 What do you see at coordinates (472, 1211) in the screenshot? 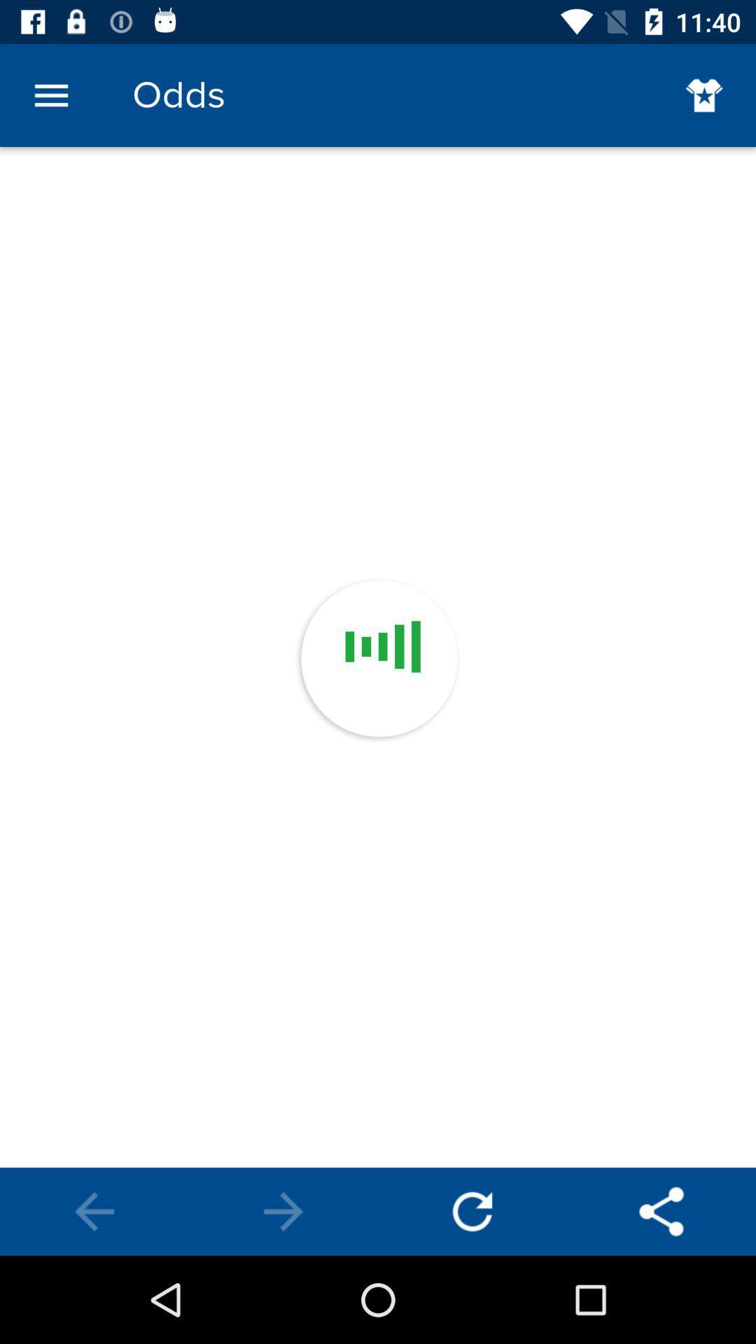
I see `refresh the page` at bounding box center [472, 1211].